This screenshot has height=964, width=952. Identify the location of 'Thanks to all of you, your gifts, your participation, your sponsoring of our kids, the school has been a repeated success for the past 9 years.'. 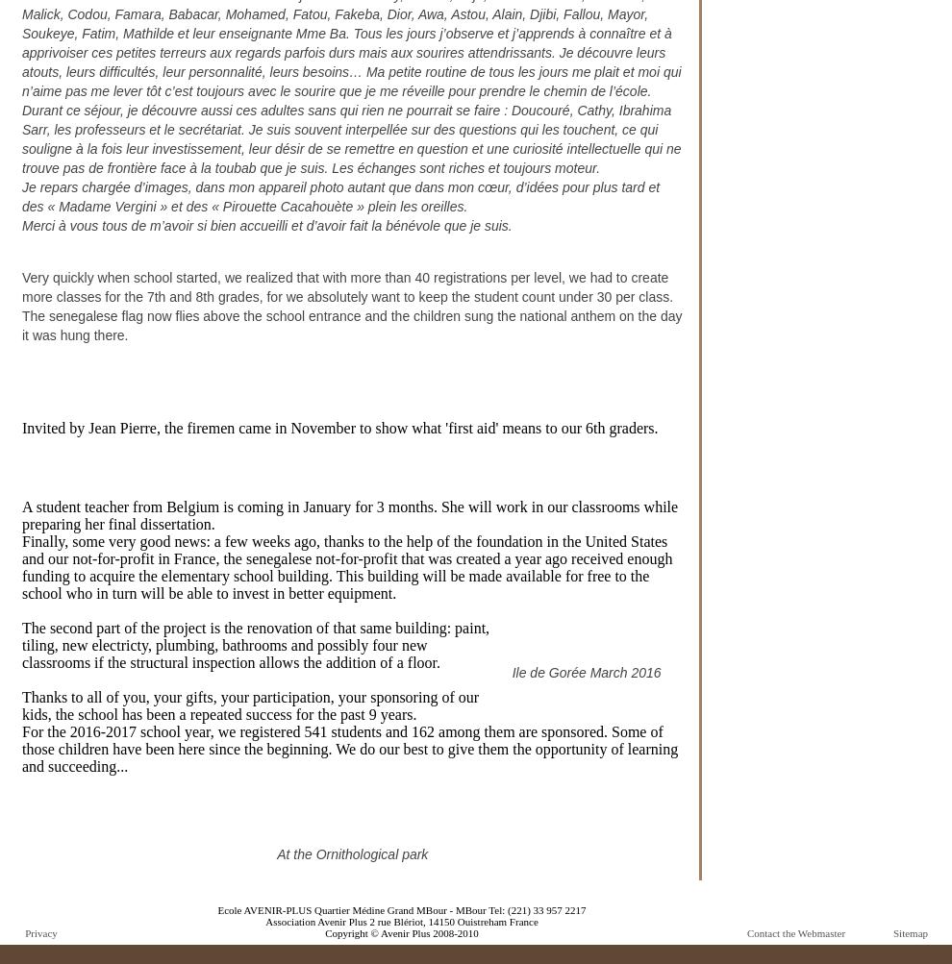
(20, 704).